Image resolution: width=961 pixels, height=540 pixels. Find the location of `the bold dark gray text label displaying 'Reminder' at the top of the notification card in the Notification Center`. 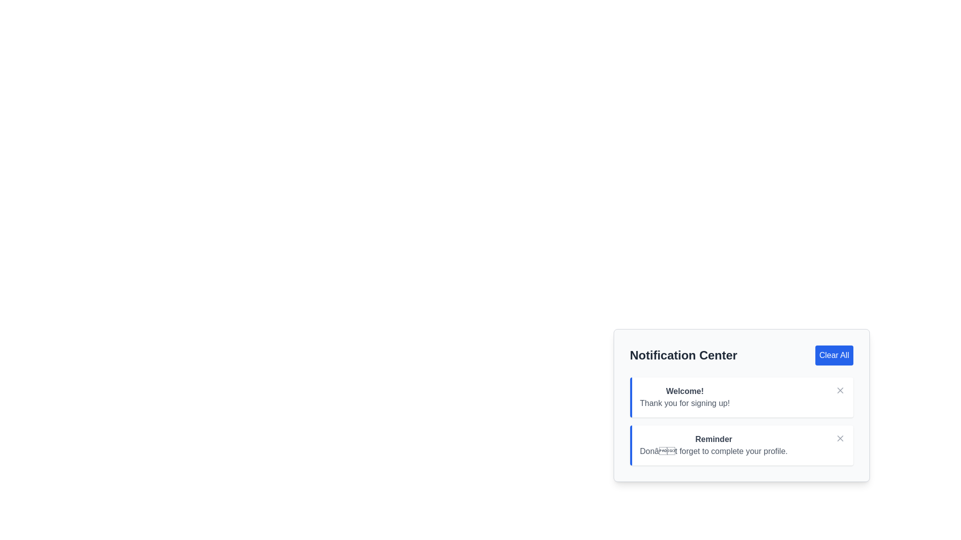

the bold dark gray text label displaying 'Reminder' at the top of the notification card in the Notification Center is located at coordinates (713, 439).